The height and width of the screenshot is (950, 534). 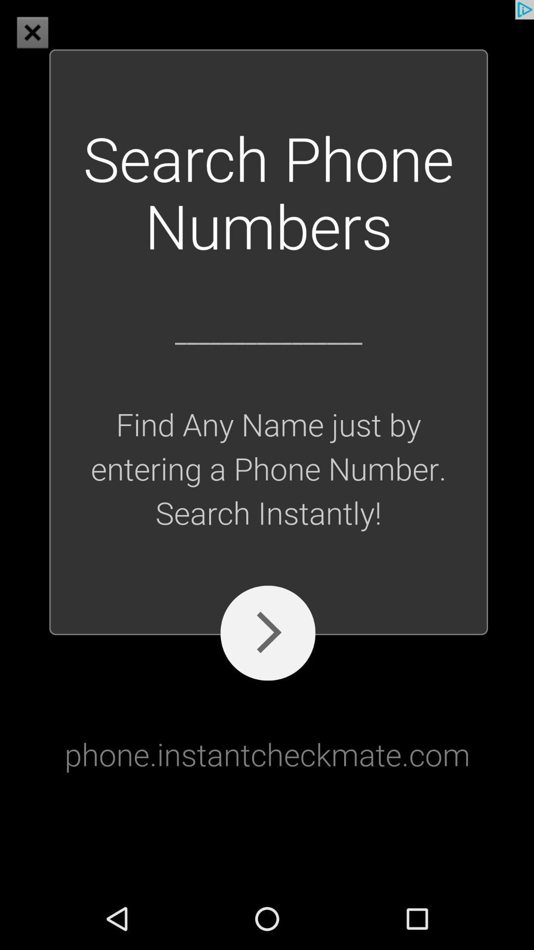 I want to click on the close icon, so click(x=45, y=48).